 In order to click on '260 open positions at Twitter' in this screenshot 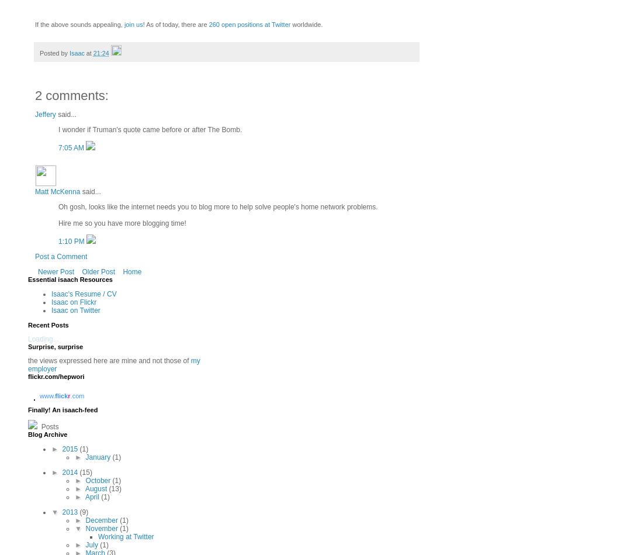, I will do `click(208, 25)`.